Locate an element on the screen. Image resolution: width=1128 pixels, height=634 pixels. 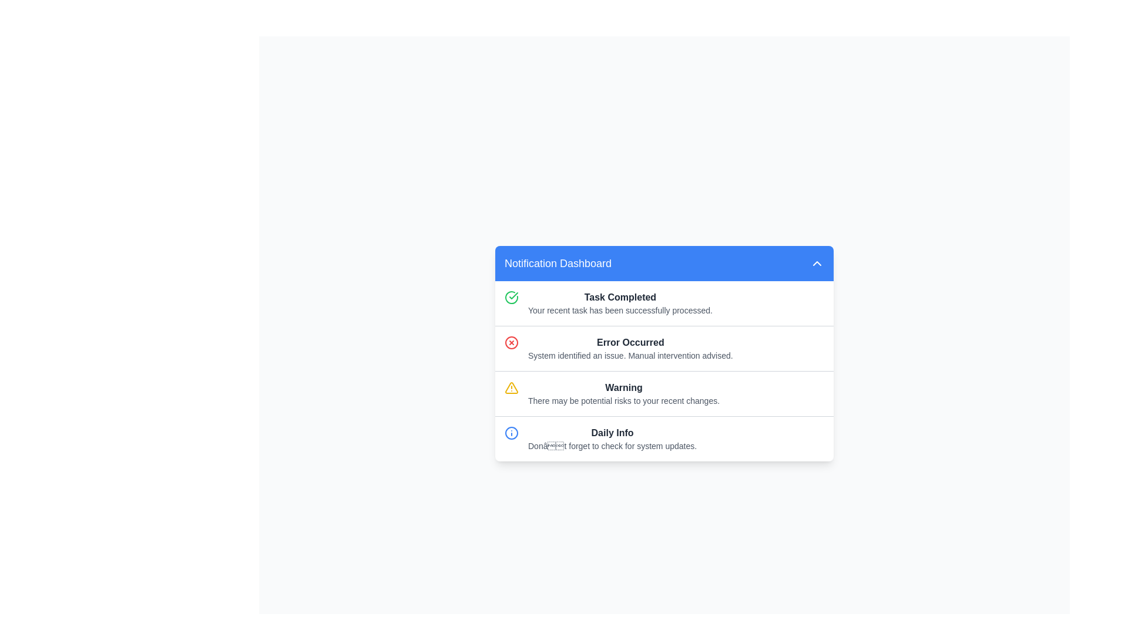
the muted gray text label that states 'There may be potential risks to your recent changes.', located directly below the 'Warning' label in the notification card is located at coordinates (623, 400).